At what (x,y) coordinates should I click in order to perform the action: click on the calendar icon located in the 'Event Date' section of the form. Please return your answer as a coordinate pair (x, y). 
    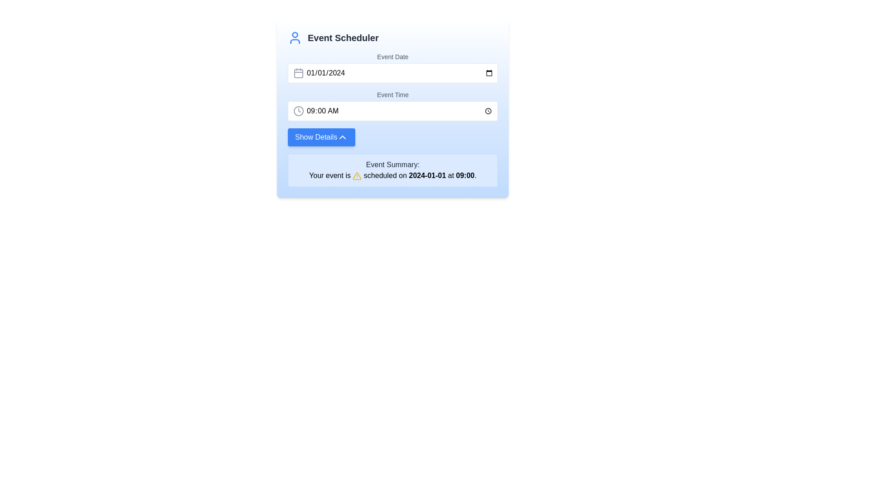
    Looking at the image, I should click on (299, 73).